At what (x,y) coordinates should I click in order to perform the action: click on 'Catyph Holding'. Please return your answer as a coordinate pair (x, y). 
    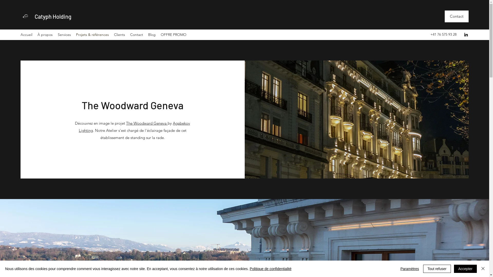
    Looking at the image, I should click on (53, 16).